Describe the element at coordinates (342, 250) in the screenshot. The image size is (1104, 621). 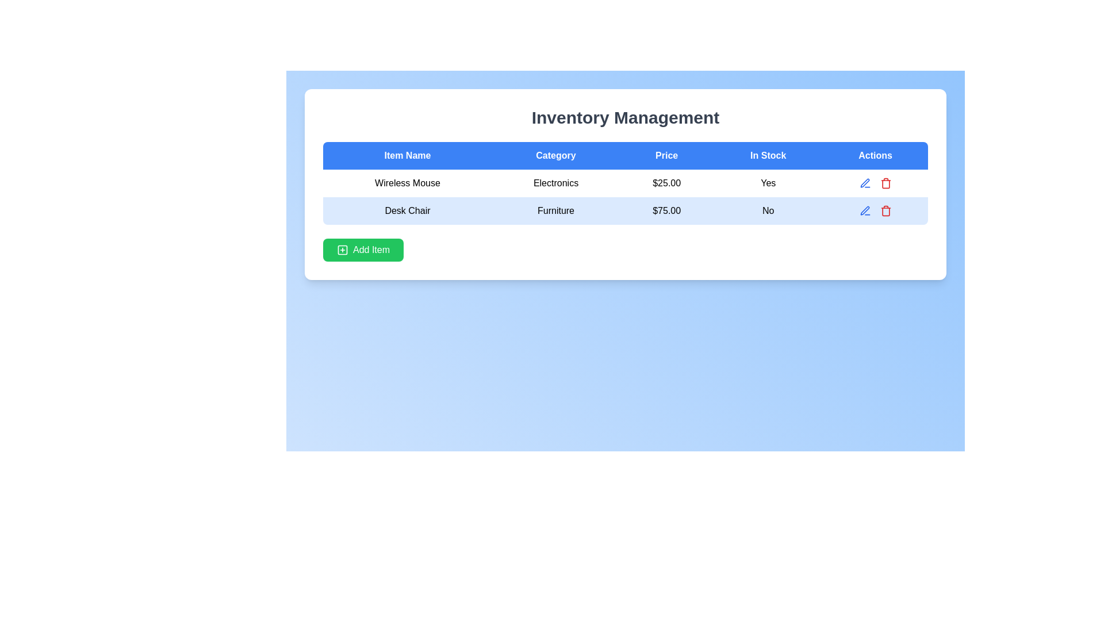
I see `the small square-shaped graphical icon with rounded corners, which serves as a base for other graphical components, located within the 'Add Item' button near its left edge` at that location.